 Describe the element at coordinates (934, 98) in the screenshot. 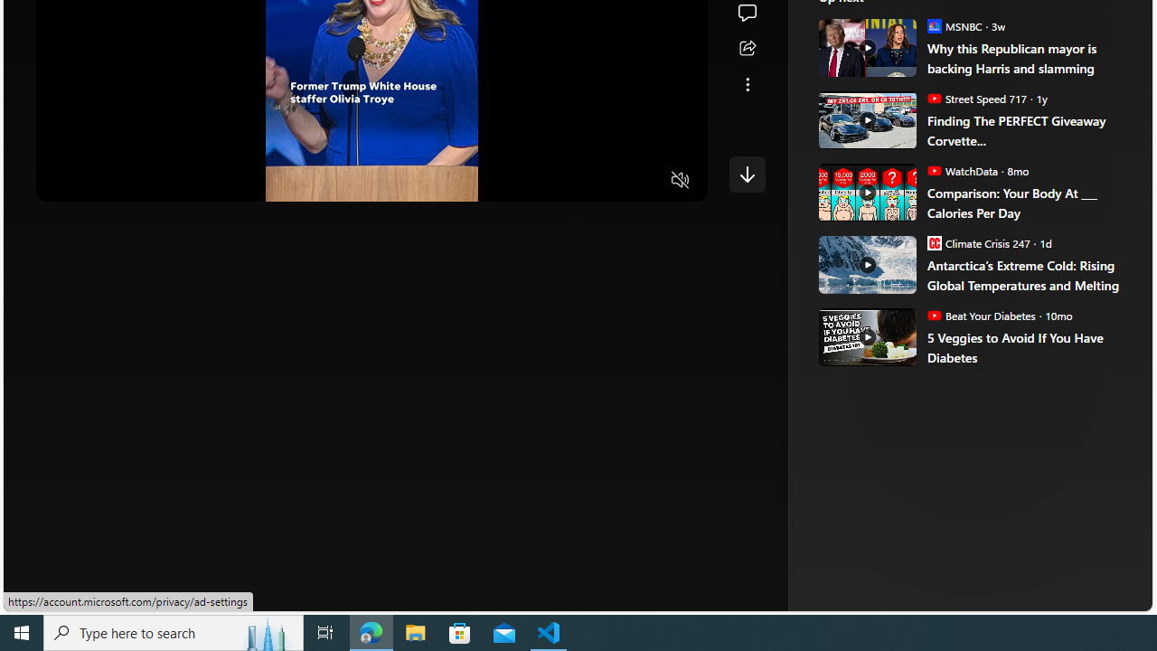

I see `'Street Speed 717'` at that location.